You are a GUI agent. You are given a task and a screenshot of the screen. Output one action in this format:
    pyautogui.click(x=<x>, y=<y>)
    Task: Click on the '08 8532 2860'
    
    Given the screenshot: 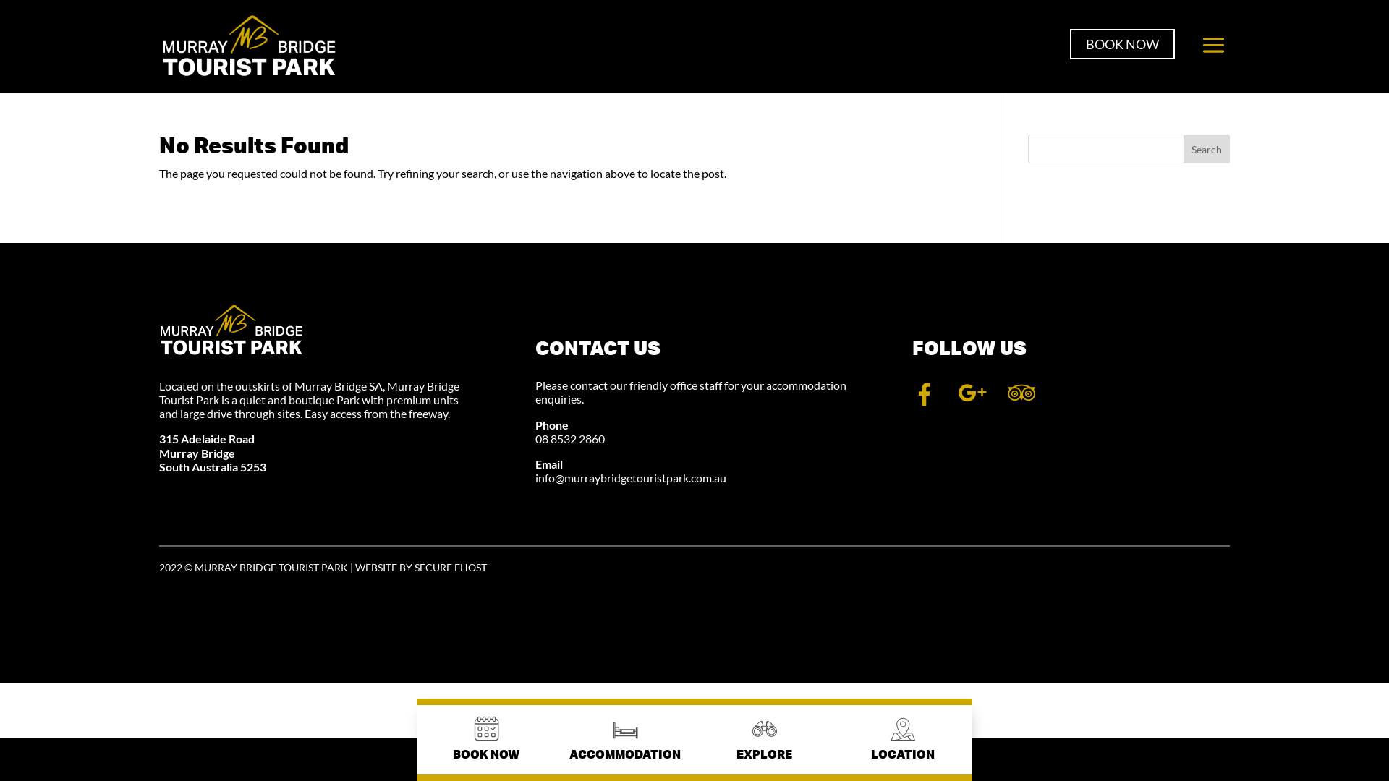 What is the action you would take?
    pyautogui.click(x=569, y=438)
    